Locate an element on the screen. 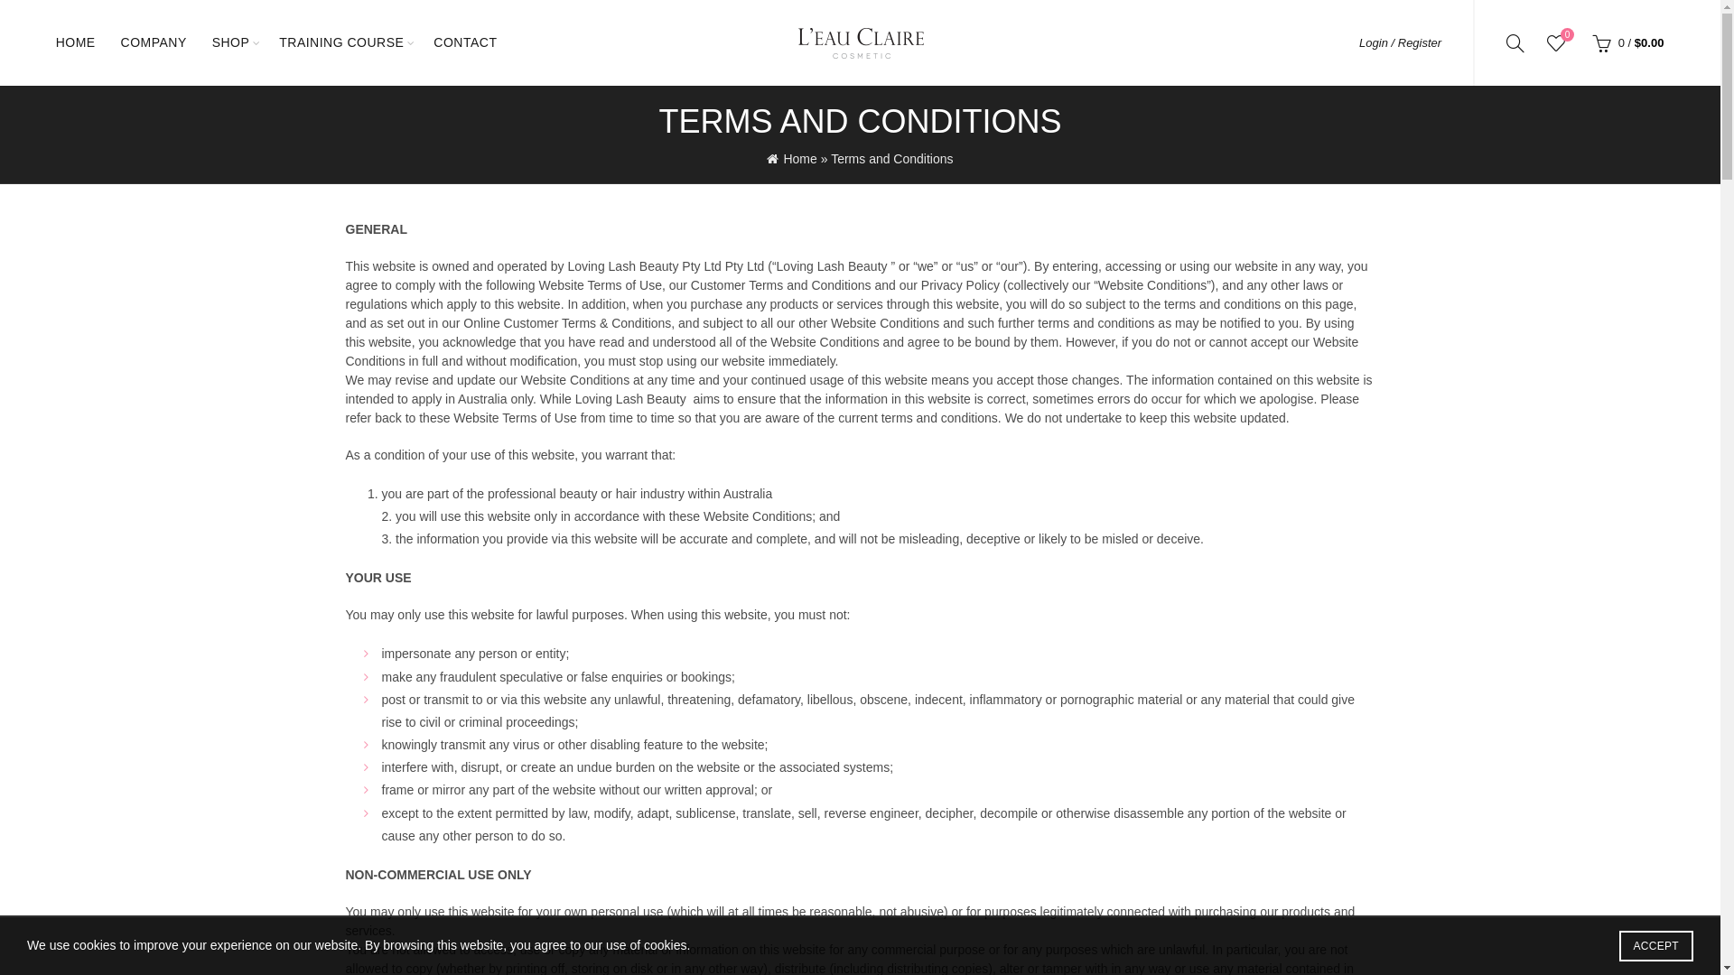 The height and width of the screenshot is (975, 1734). 'Login / Register' is located at coordinates (1359, 42).